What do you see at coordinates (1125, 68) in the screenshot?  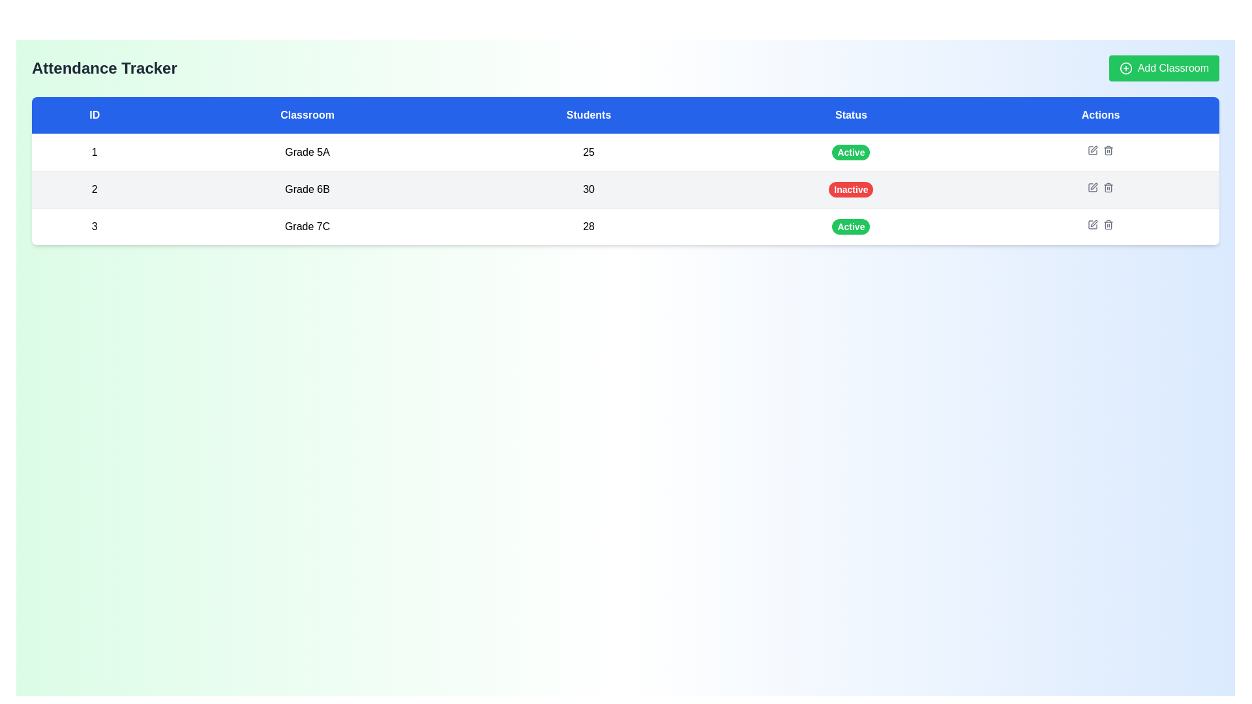 I see `the circular icon located at the center of the 'Add Classroom' button` at bounding box center [1125, 68].